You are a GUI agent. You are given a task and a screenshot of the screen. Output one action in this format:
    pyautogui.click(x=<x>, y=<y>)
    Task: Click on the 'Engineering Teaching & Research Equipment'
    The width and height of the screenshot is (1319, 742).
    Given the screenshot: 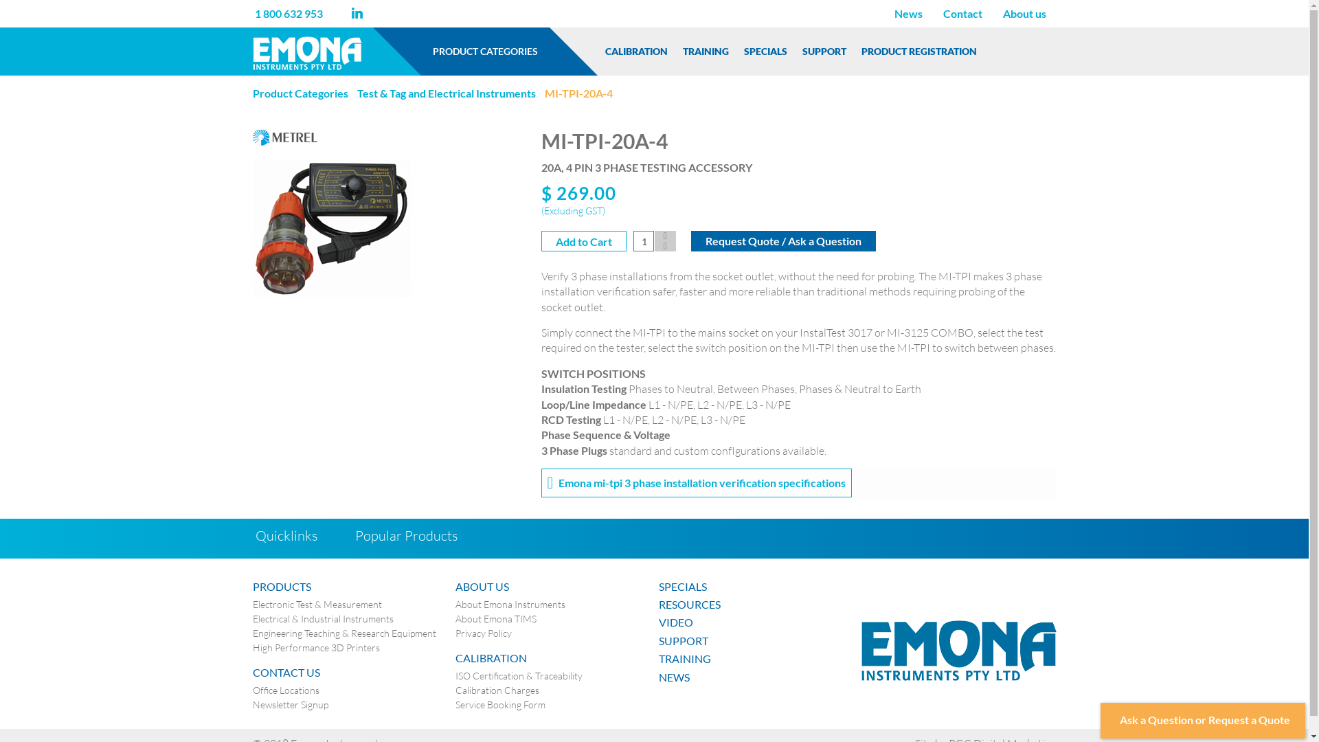 What is the action you would take?
    pyautogui.click(x=344, y=633)
    